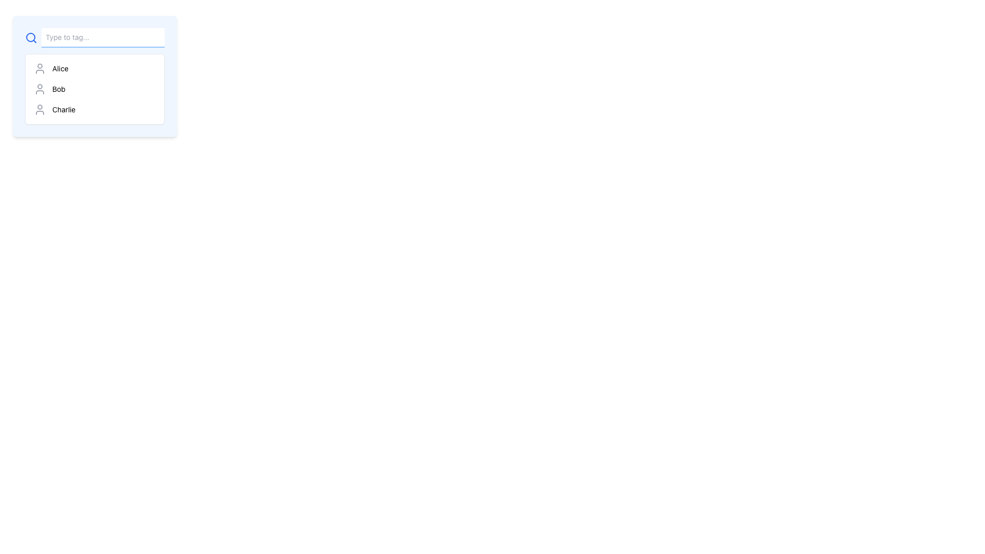 The image size is (985, 554). What do you see at coordinates (63, 109) in the screenshot?
I see `the text element displaying the name 'Charlie', which is the last item in a selectable list of user options or tags` at bounding box center [63, 109].